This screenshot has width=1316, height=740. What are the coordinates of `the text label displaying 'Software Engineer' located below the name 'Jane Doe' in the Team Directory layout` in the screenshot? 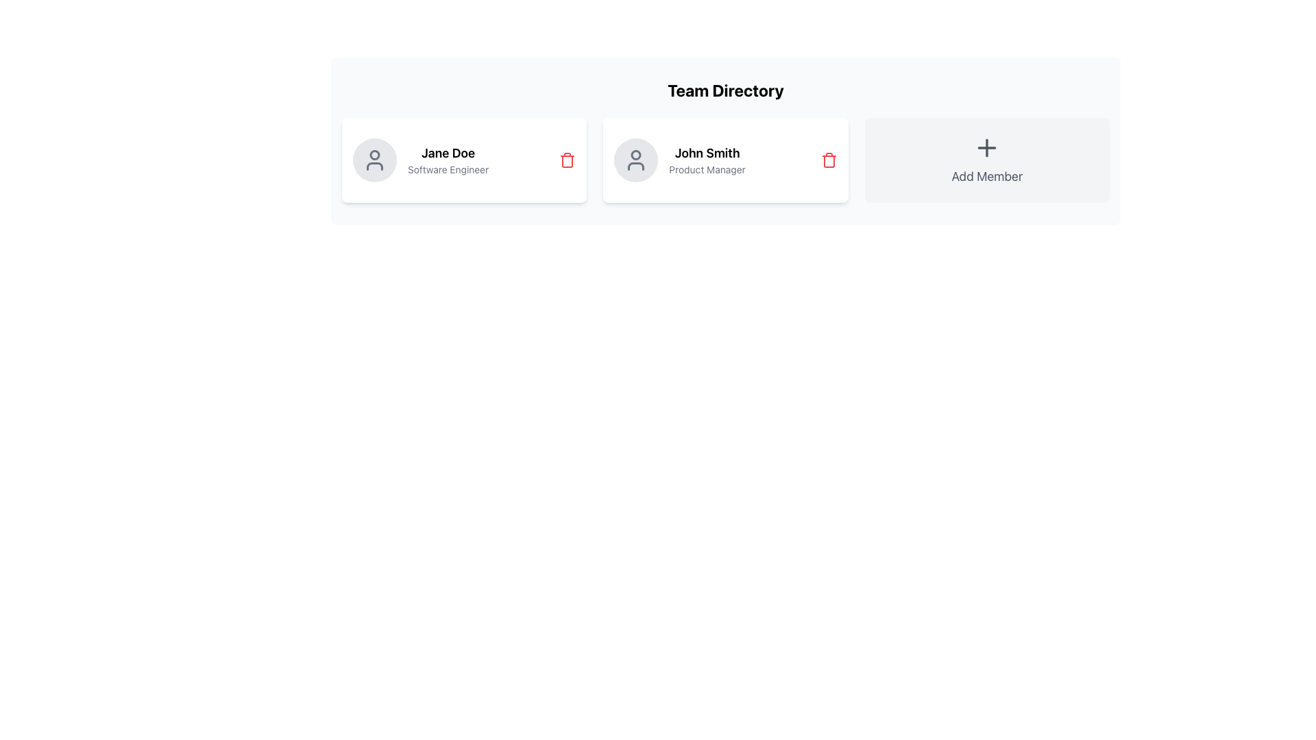 It's located at (448, 169).